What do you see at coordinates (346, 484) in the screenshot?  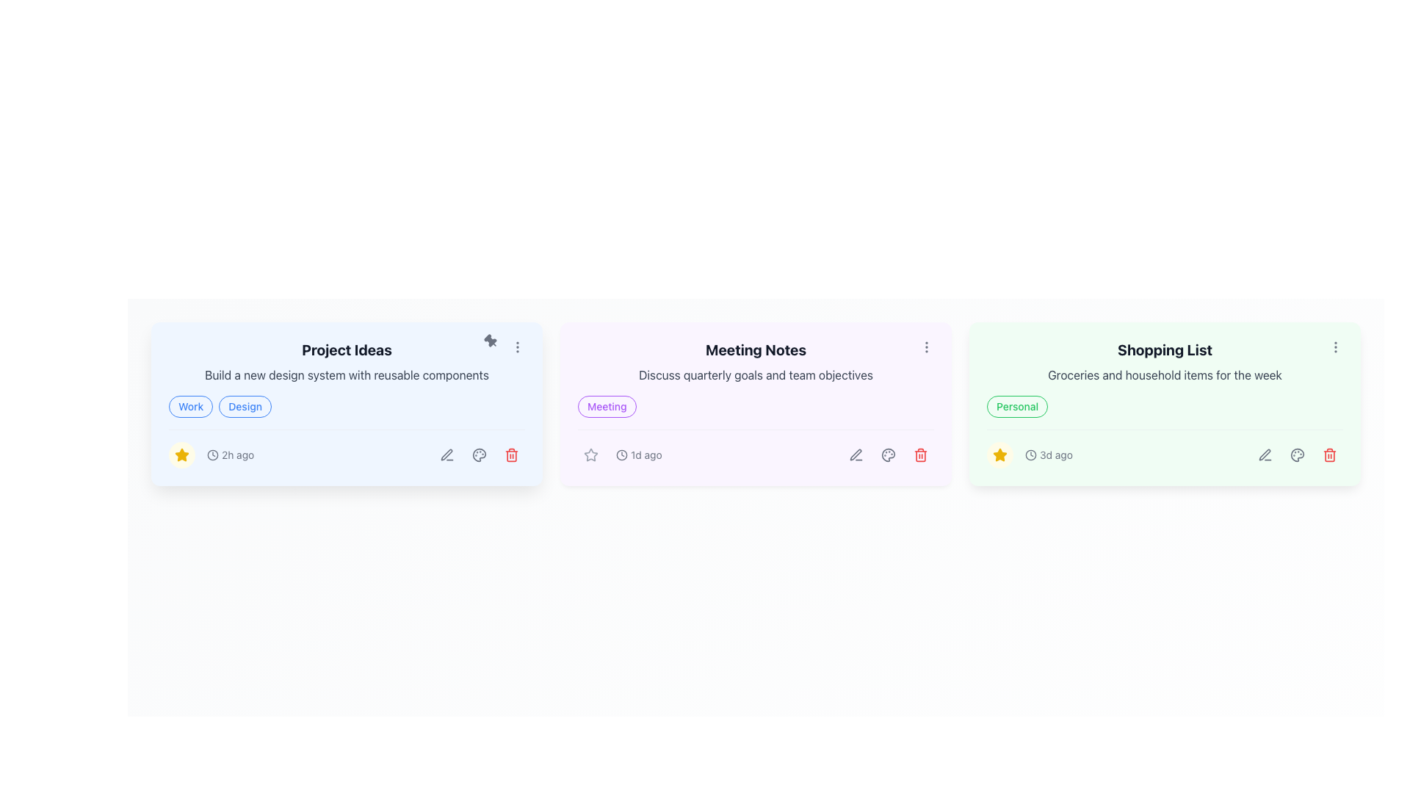 I see `the progress bar located at the bottom edge of the 'Project Ideas' card, which serves as a progress indicator` at bounding box center [346, 484].